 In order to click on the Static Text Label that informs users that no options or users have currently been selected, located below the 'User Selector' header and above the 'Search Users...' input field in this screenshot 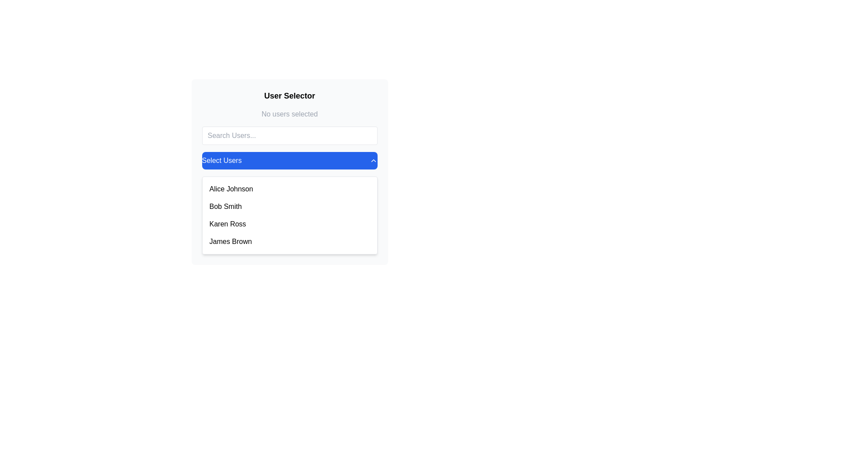, I will do `click(289, 114)`.